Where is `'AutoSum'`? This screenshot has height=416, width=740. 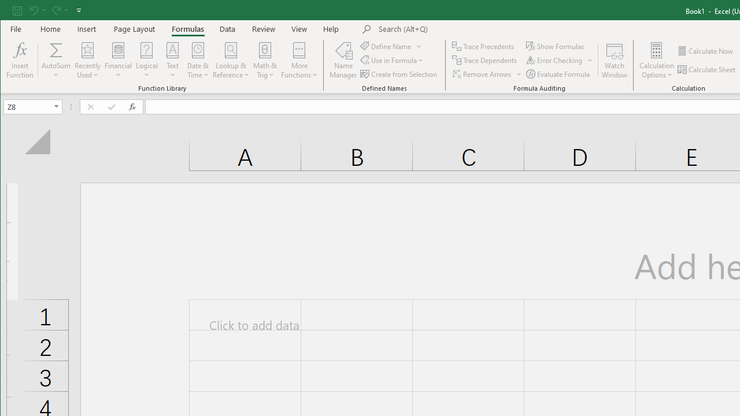 'AutoSum' is located at coordinates (55, 60).